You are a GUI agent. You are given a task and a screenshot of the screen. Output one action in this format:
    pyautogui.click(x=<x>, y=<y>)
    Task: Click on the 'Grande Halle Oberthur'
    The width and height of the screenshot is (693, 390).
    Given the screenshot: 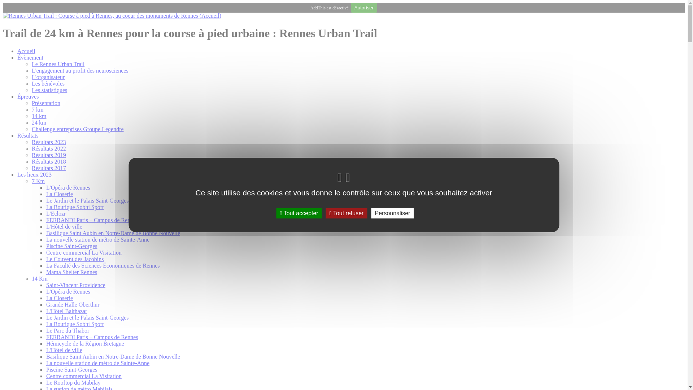 What is the action you would take?
    pyautogui.click(x=73, y=304)
    